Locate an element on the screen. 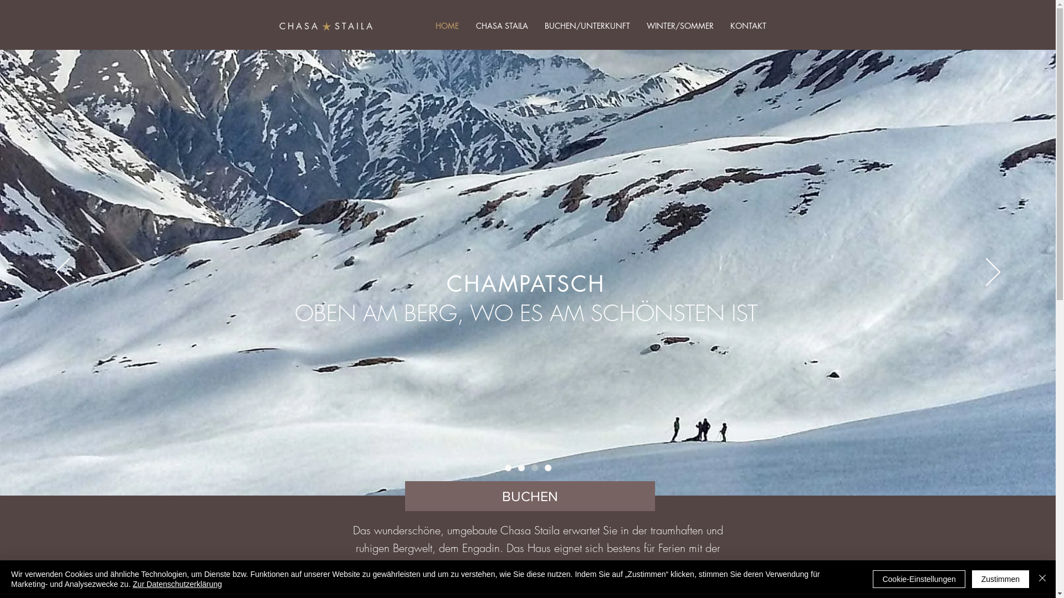 The height and width of the screenshot is (598, 1064). 'WINTER/SOMMER' is located at coordinates (679, 25).